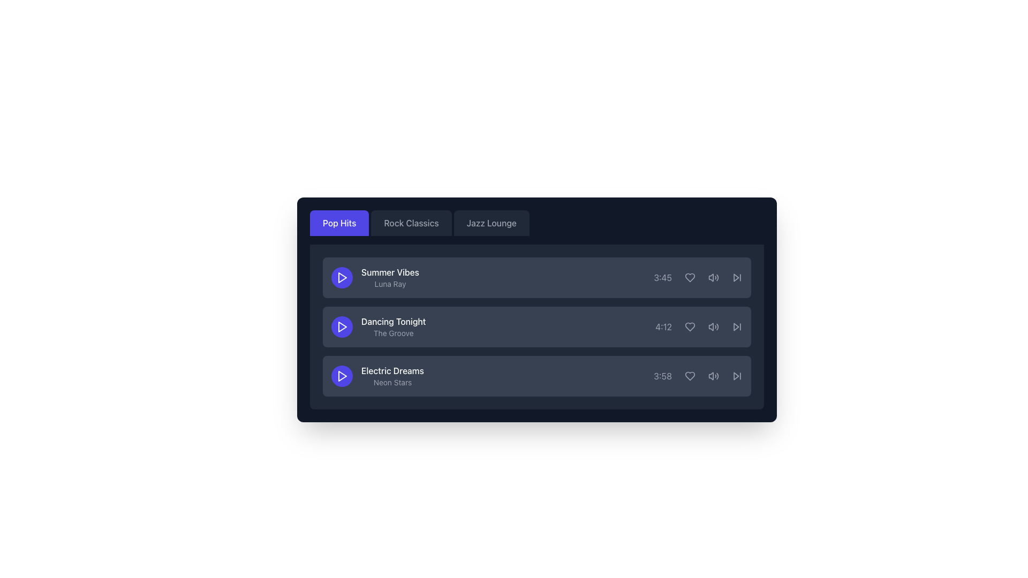  Describe the element at coordinates (411, 222) in the screenshot. I see `the 'Rock Classics' tab for keyboard navigation by targeting the button with a dark gray background and lighter gray text` at that location.